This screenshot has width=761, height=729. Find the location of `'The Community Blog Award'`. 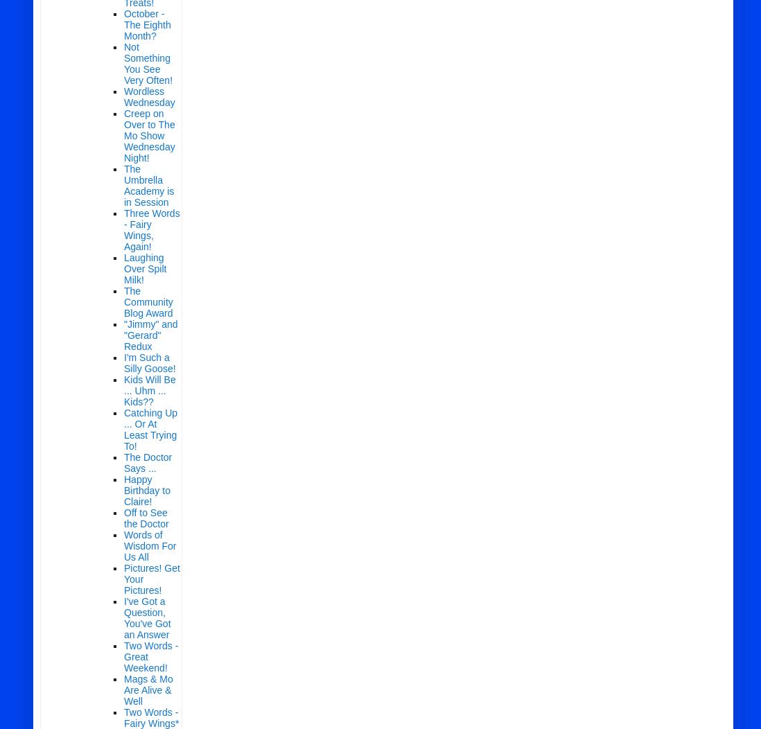

'The Community Blog Award' is located at coordinates (148, 301).